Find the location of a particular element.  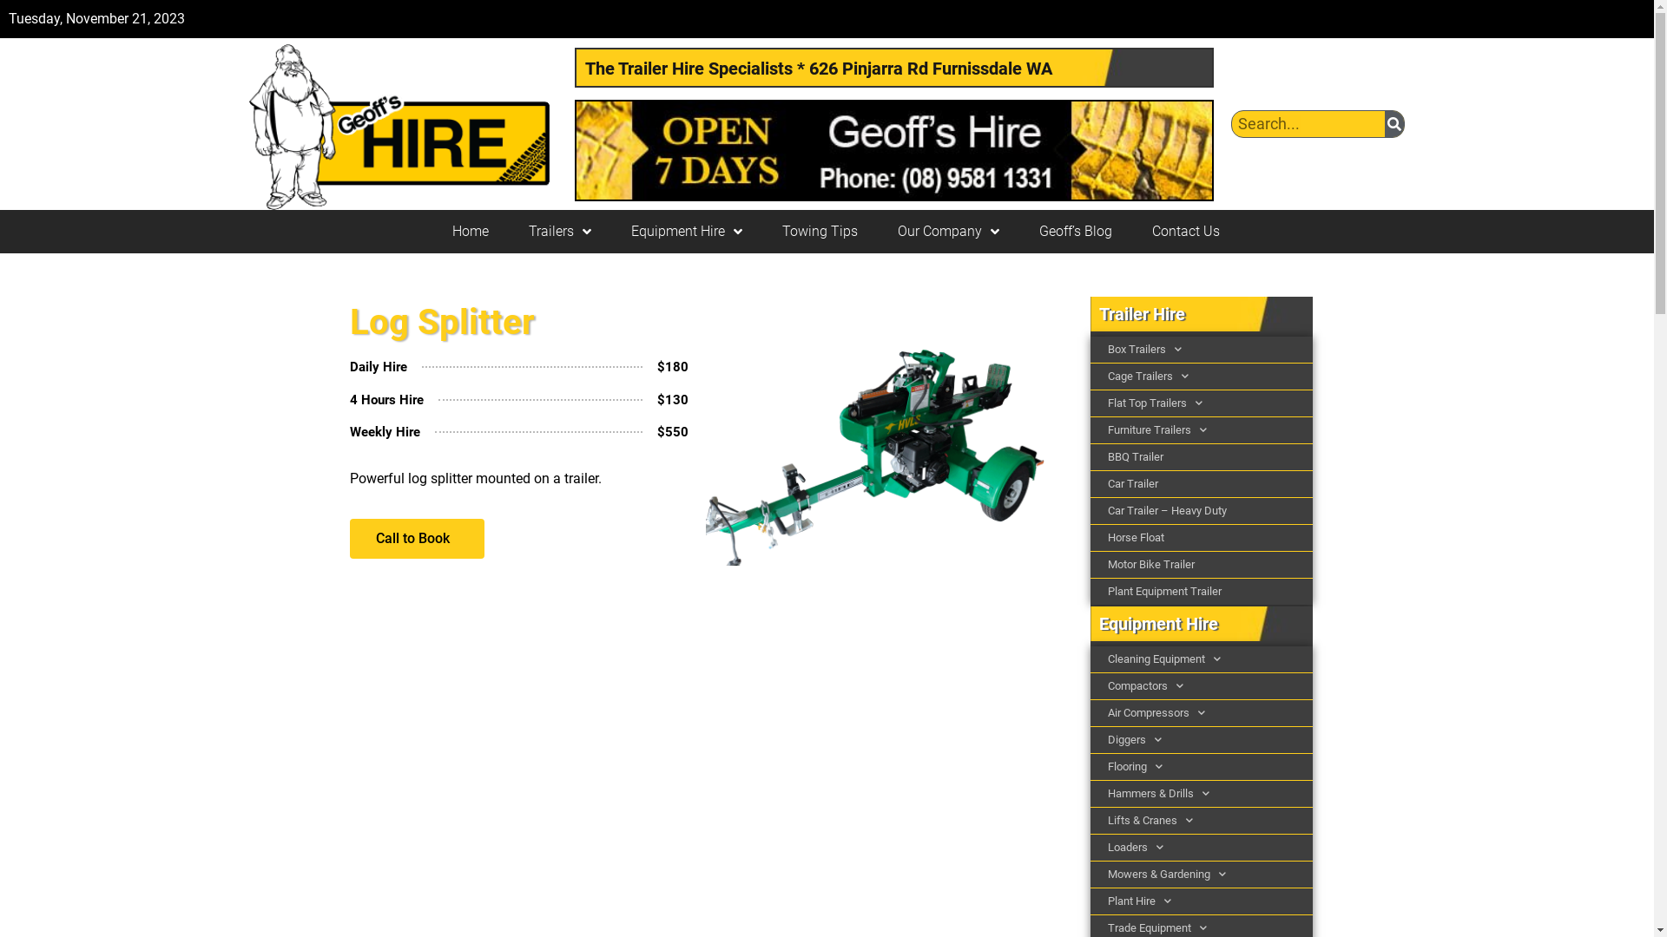

'Loaders' is located at coordinates (1200, 846).